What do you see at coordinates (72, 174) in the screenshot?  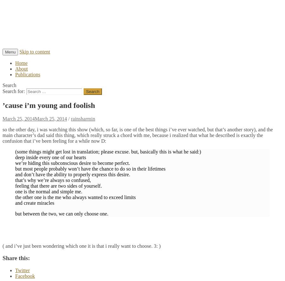 I see `'and don’t have the ability to properly express this desire.'` at bounding box center [72, 174].